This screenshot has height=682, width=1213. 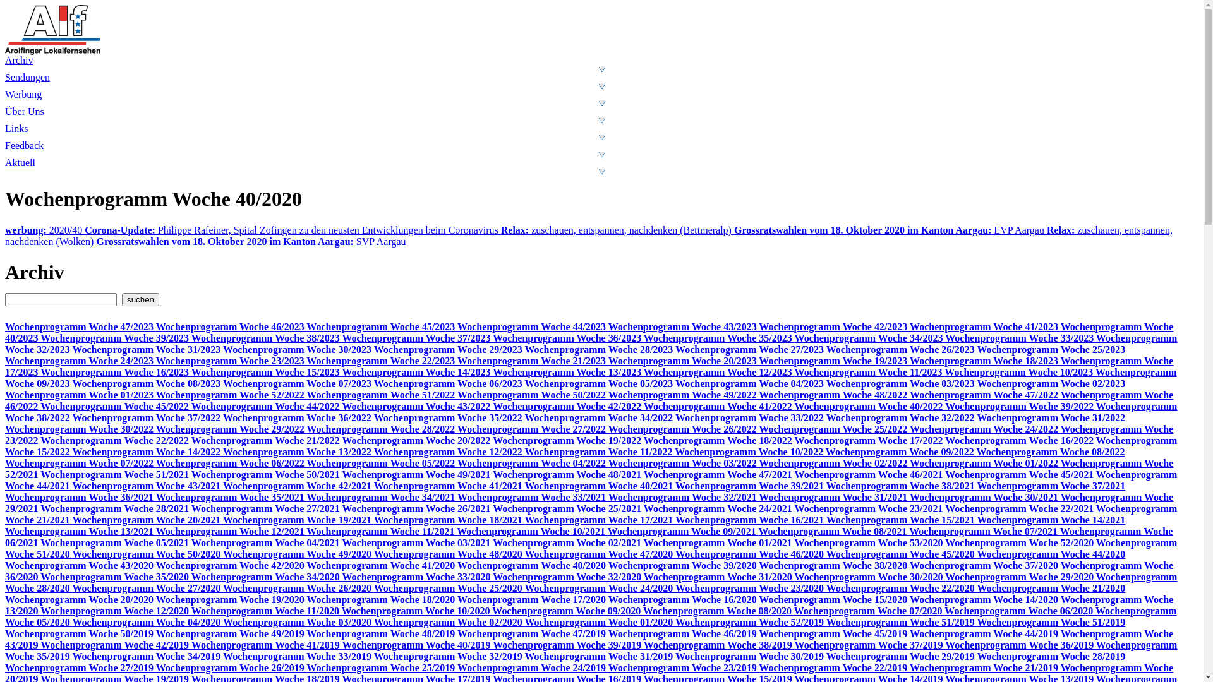 What do you see at coordinates (116, 337) in the screenshot?
I see `'Wochenprogramm Woche 39/2023'` at bounding box center [116, 337].